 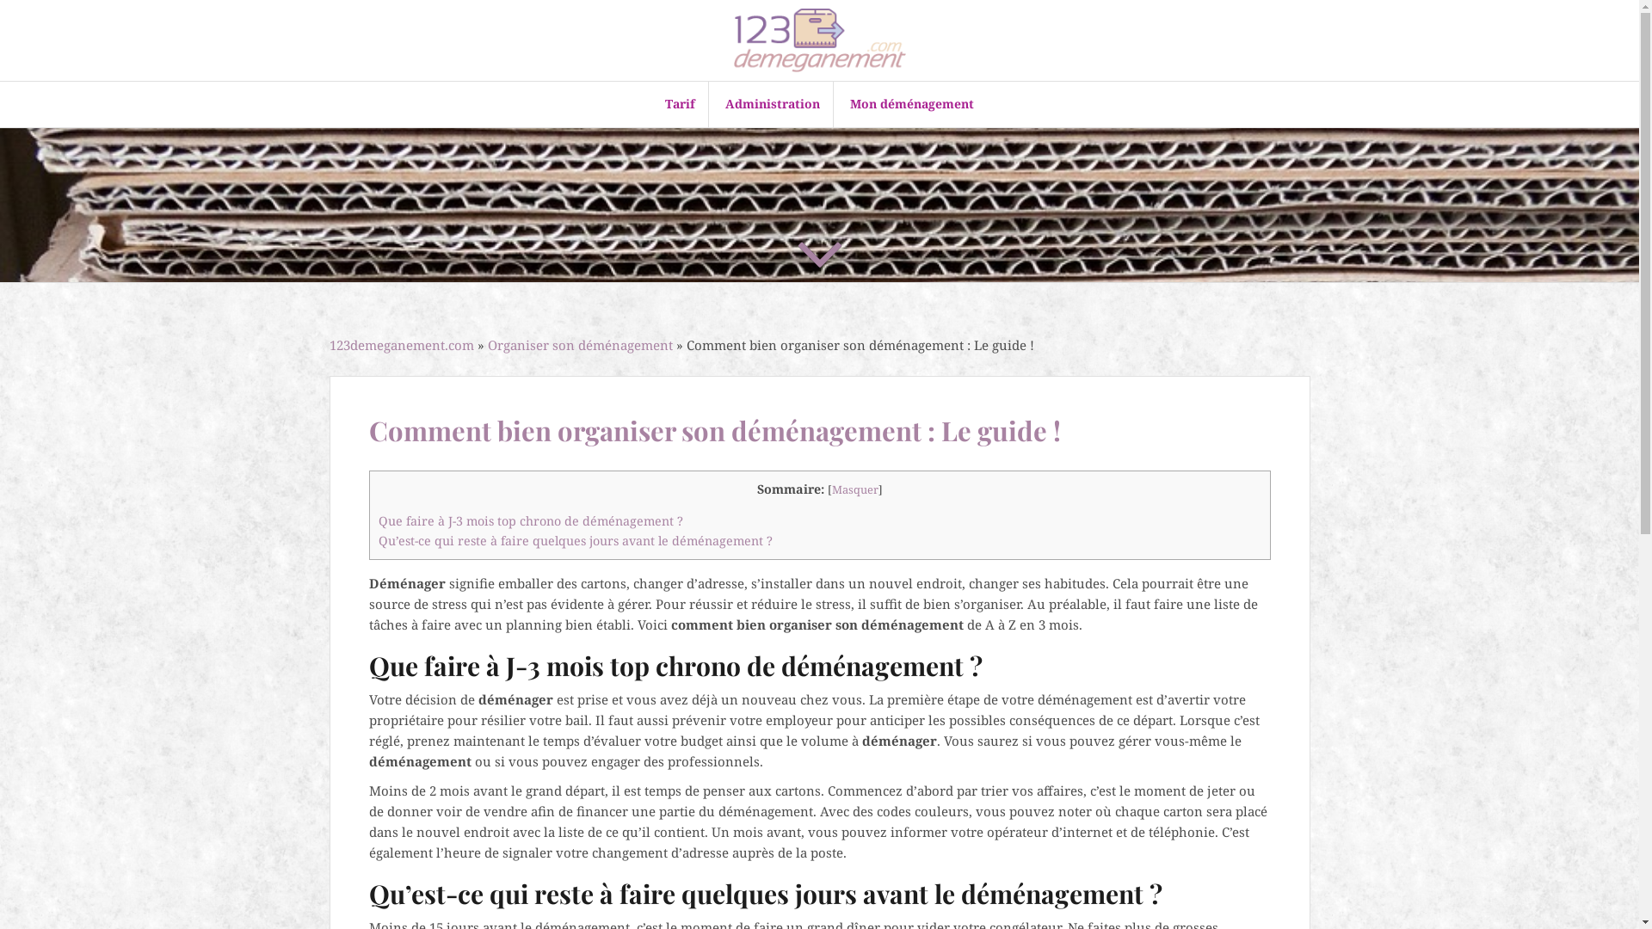 I want to click on 'Masquer', so click(x=830, y=489).